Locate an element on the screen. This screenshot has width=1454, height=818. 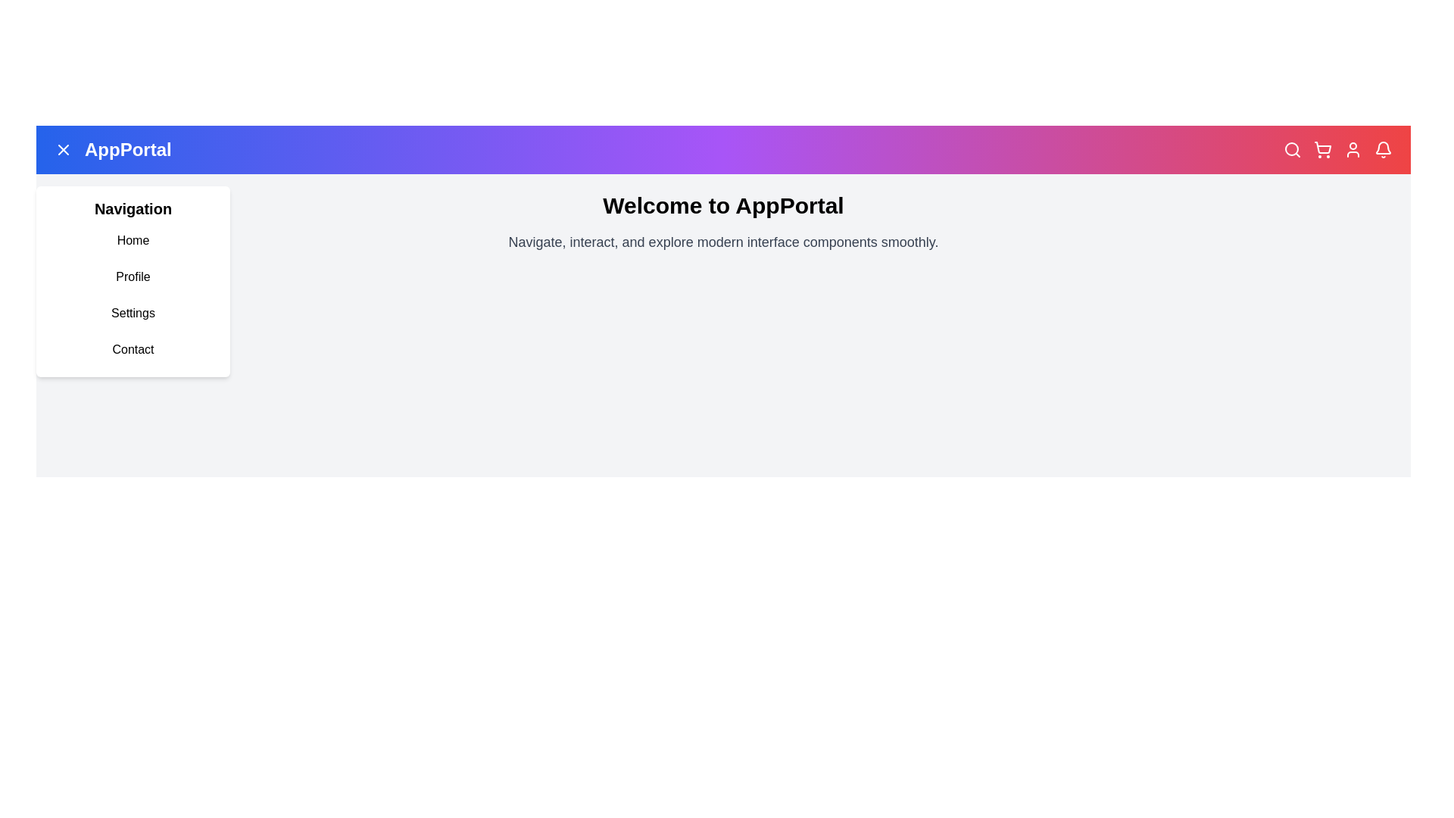
the central circular feature of the magnifying glass icon located in the top-right corner of the navigation bar is located at coordinates (1290, 148).